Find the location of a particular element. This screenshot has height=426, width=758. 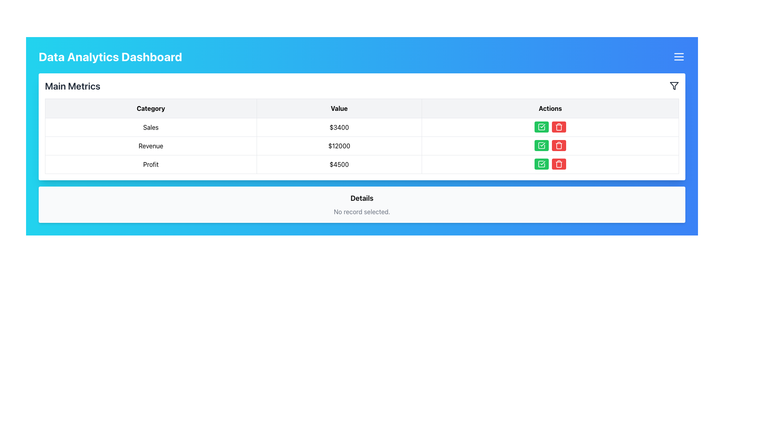

the green button with a checkmark icon located in the 'Actions' column of the data table is located at coordinates (541, 126).